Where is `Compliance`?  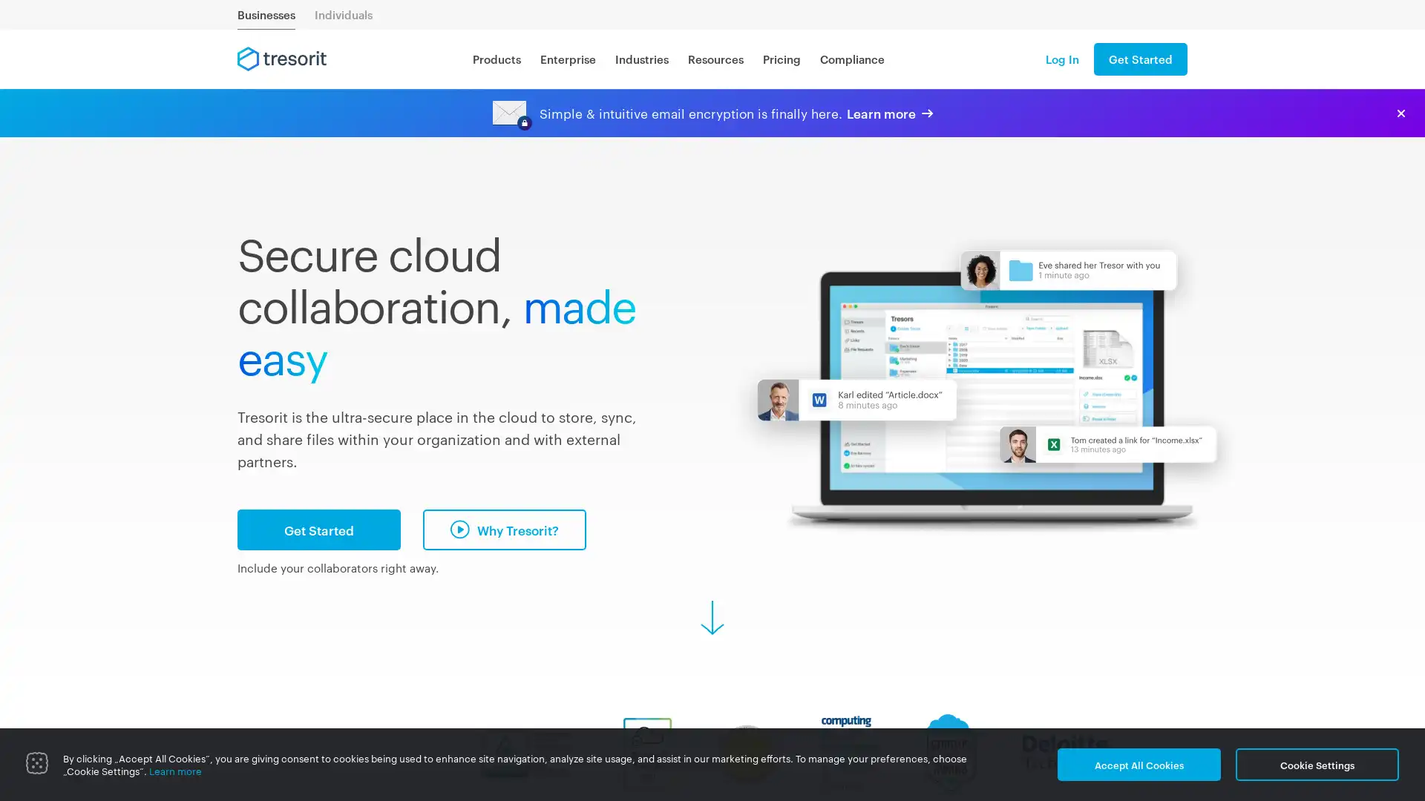
Compliance is located at coordinates (852, 59).